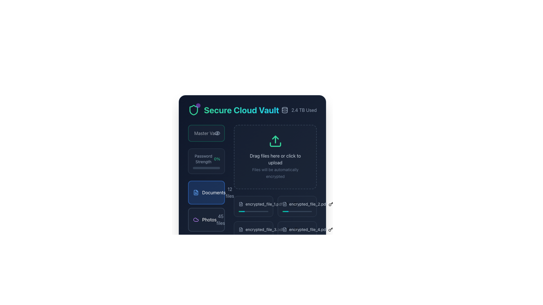 The height and width of the screenshot is (305, 543). What do you see at coordinates (206, 167) in the screenshot?
I see `the progress bar that is part of the 'Password Strength' section, which has a dark background and is currently at 0% width` at bounding box center [206, 167].